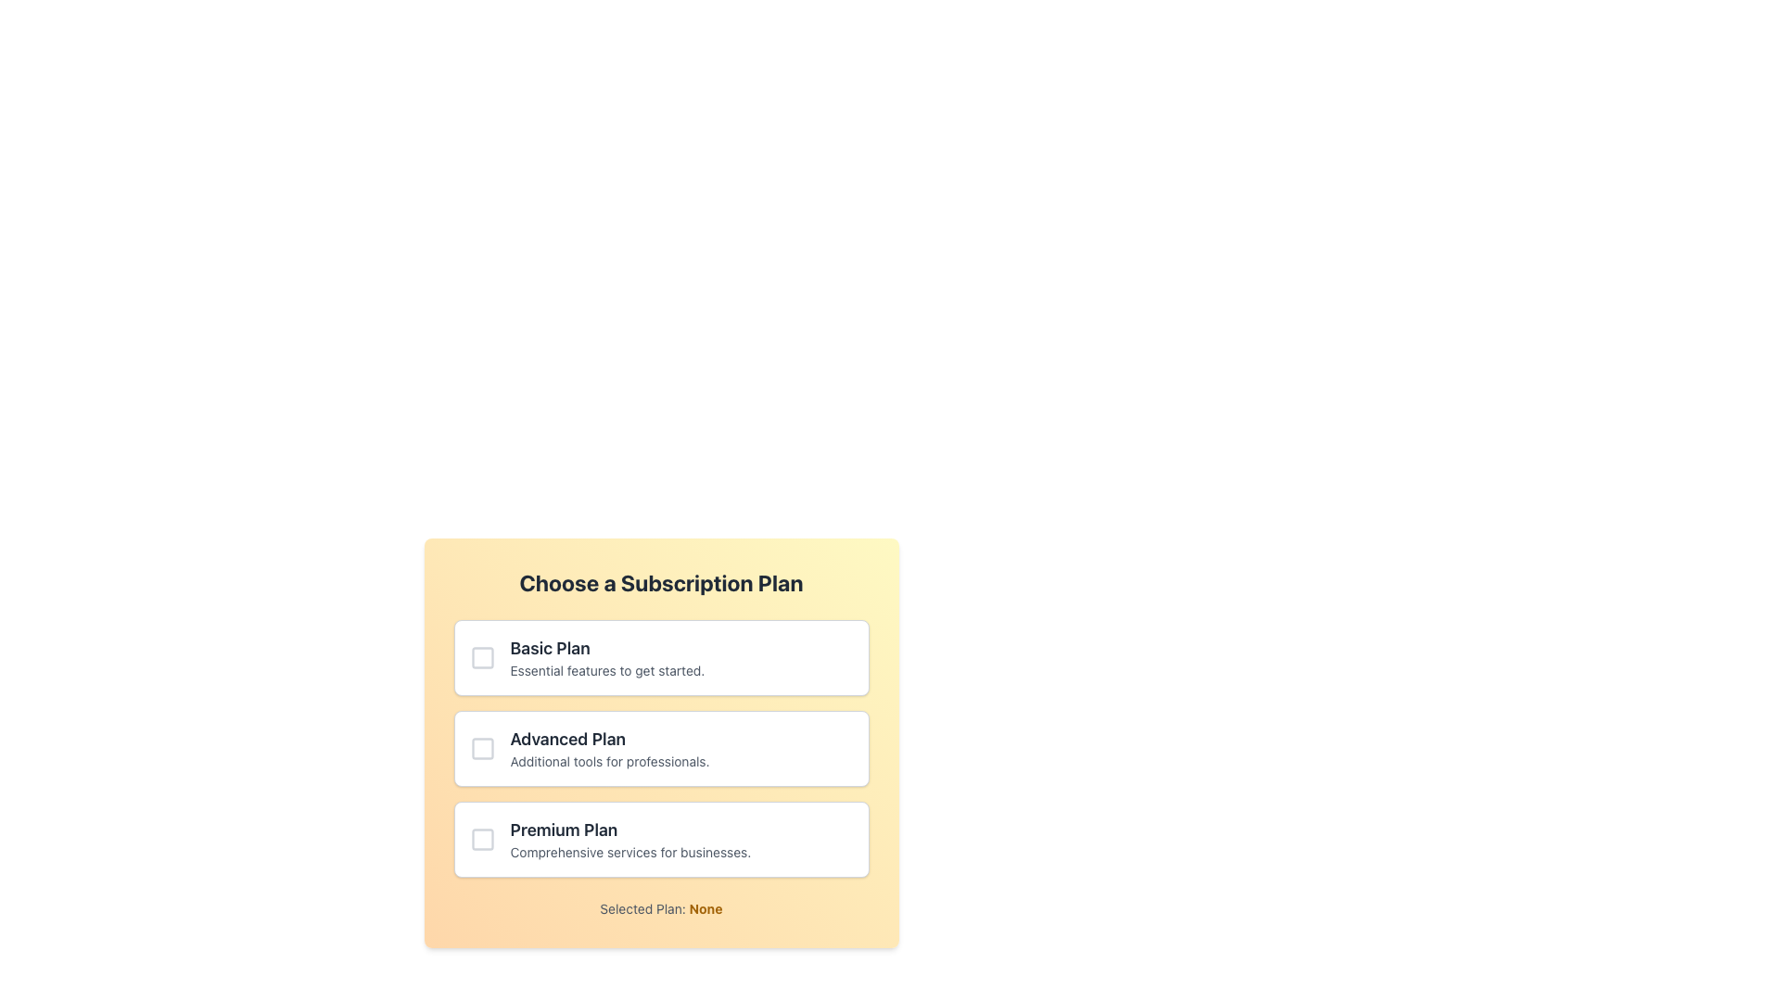 The width and height of the screenshot is (1780, 1001). I want to click on the checkbox, so click(661, 747).